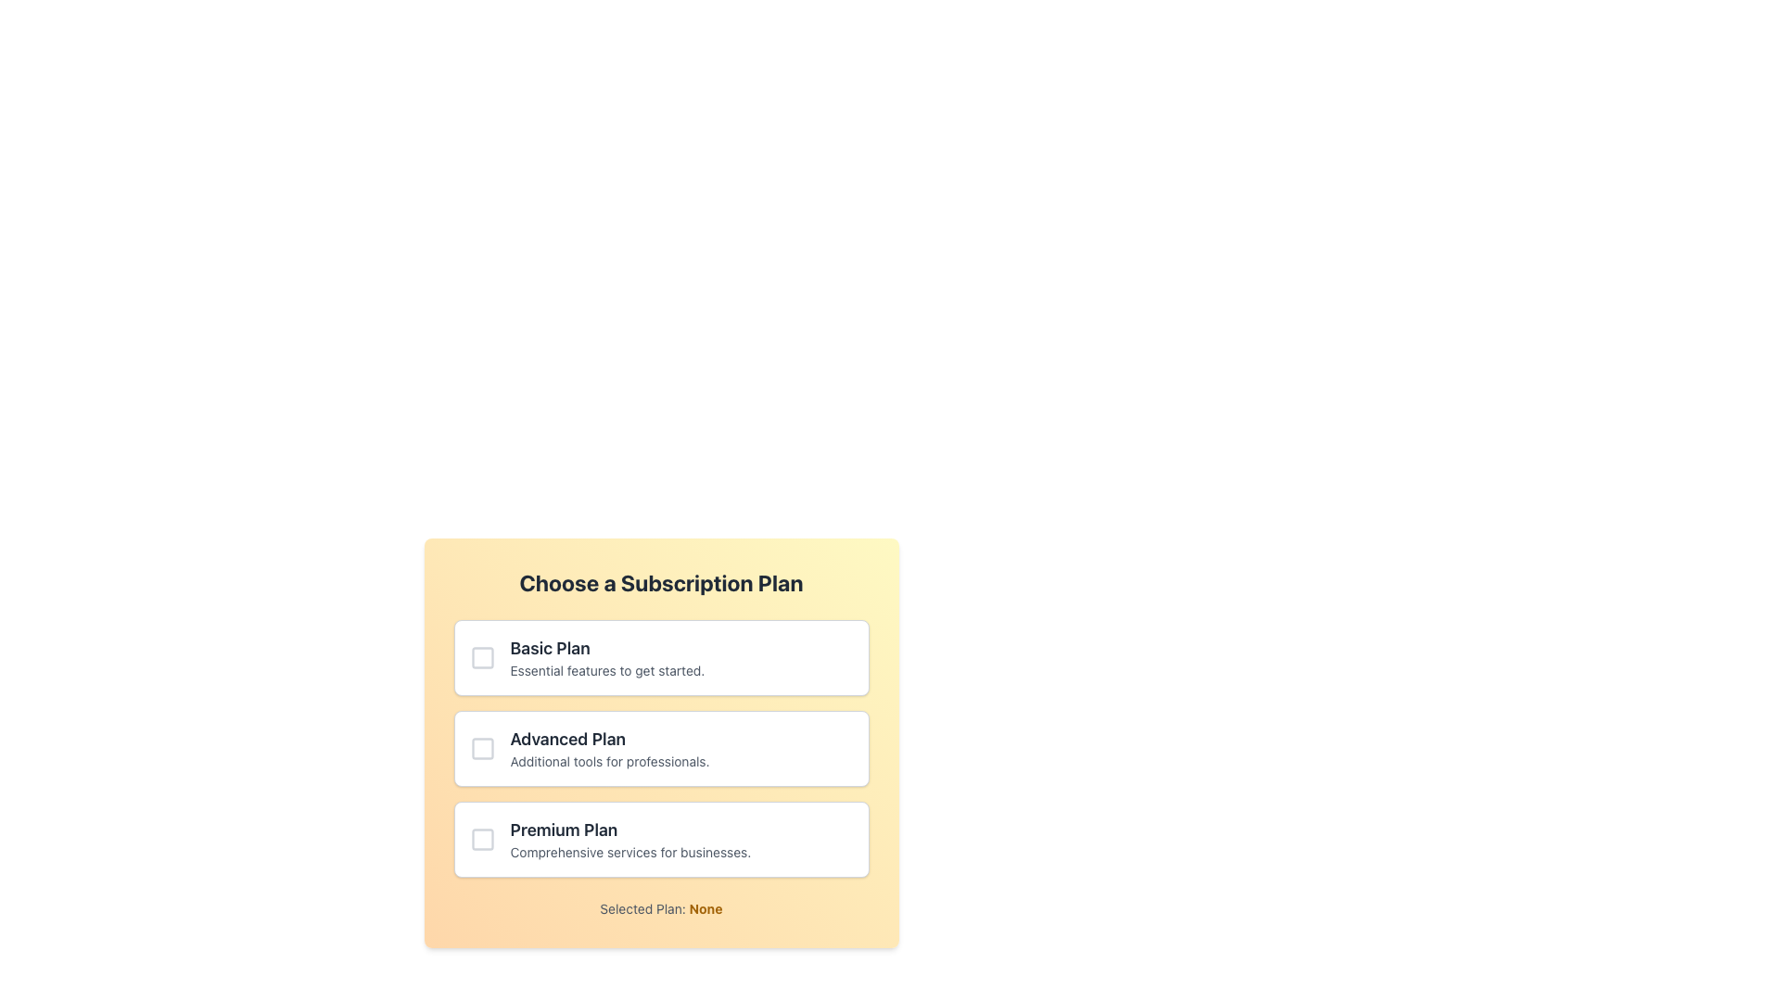 The width and height of the screenshot is (1780, 1001). I want to click on the checkbox, so click(661, 747).